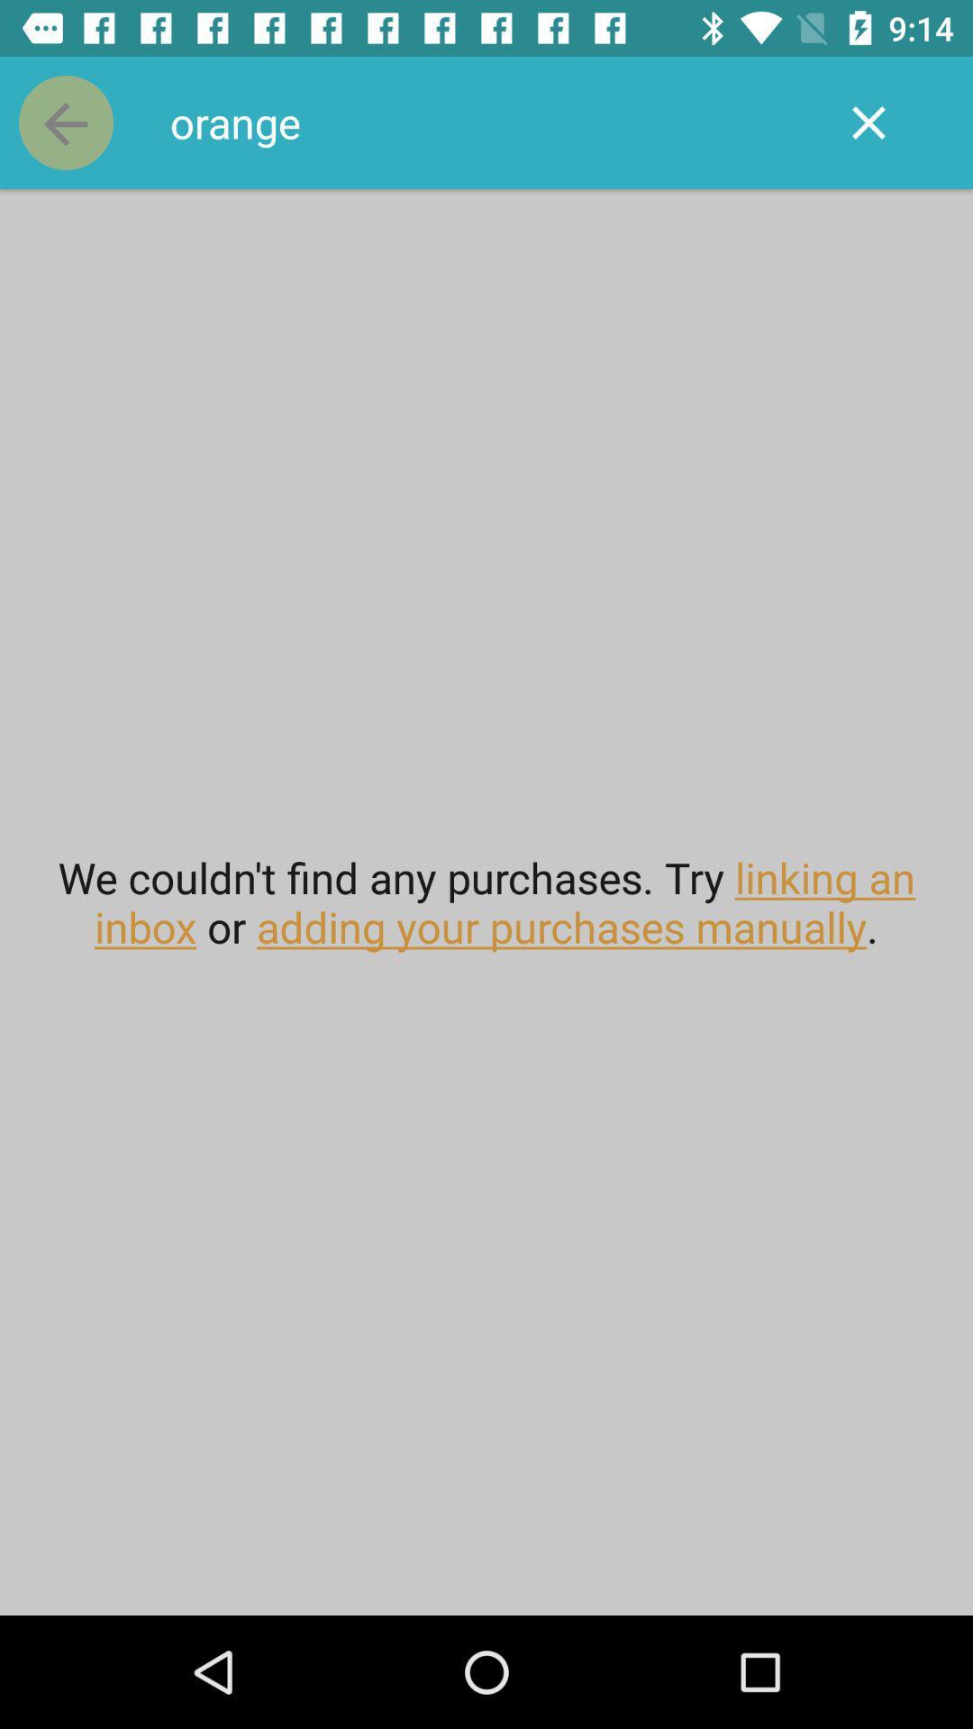 This screenshot has width=973, height=1729. Describe the element at coordinates (868, 122) in the screenshot. I see `icon to the right of orange` at that location.